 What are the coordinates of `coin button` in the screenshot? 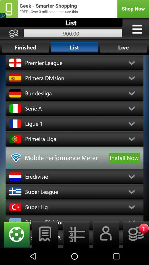 It's located at (134, 234).